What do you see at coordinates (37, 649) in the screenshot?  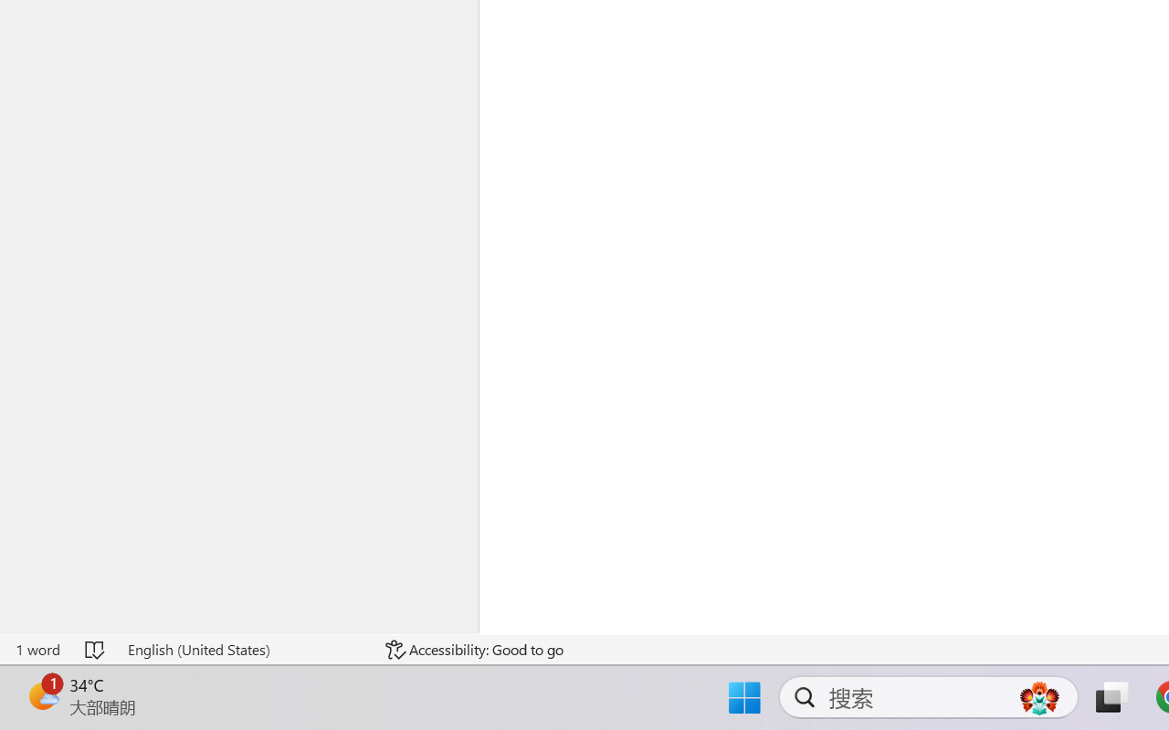 I see `'Word Count 1 word'` at bounding box center [37, 649].